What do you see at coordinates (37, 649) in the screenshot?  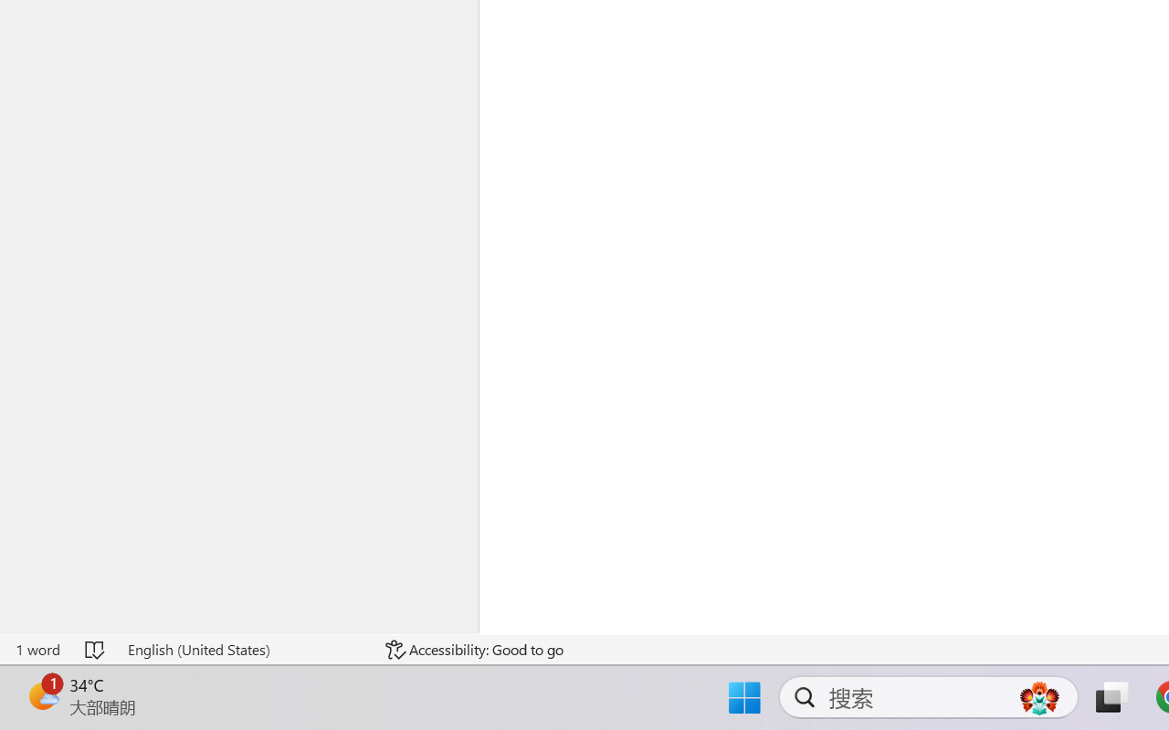 I see `'Word Count 1 word'` at bounding box center [37, 649].